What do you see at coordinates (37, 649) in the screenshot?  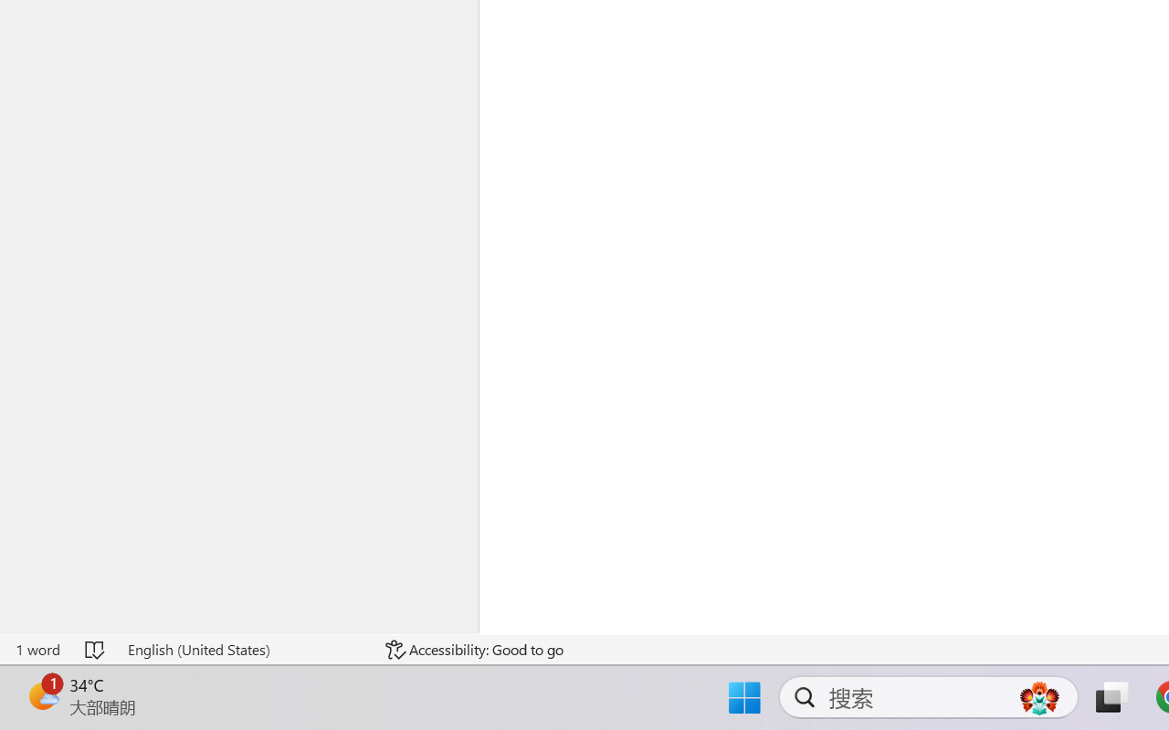 I see `'Word Count 1 word'` at bounding box center [37, 649].